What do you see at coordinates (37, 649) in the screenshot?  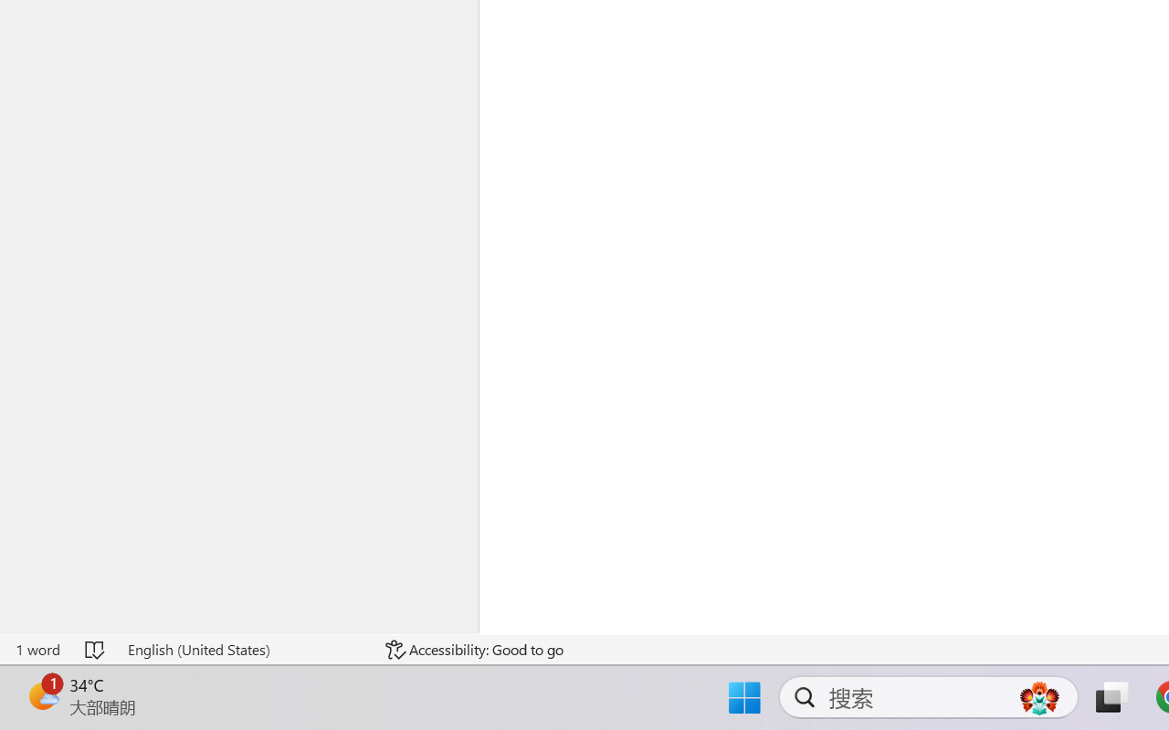 I see `'Word Count 1 word'` at bounding box center [37, 649].